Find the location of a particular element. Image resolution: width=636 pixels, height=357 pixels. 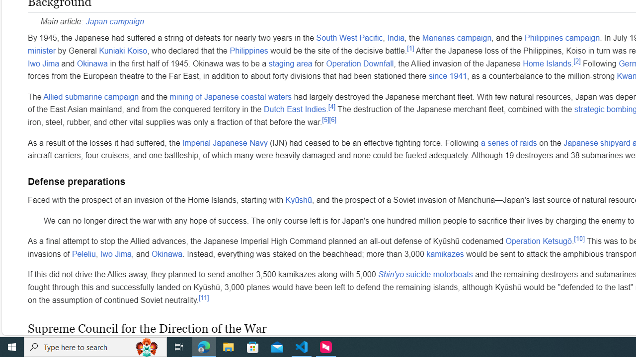

'Marianas campaign' is located at coordinates (456, 37).